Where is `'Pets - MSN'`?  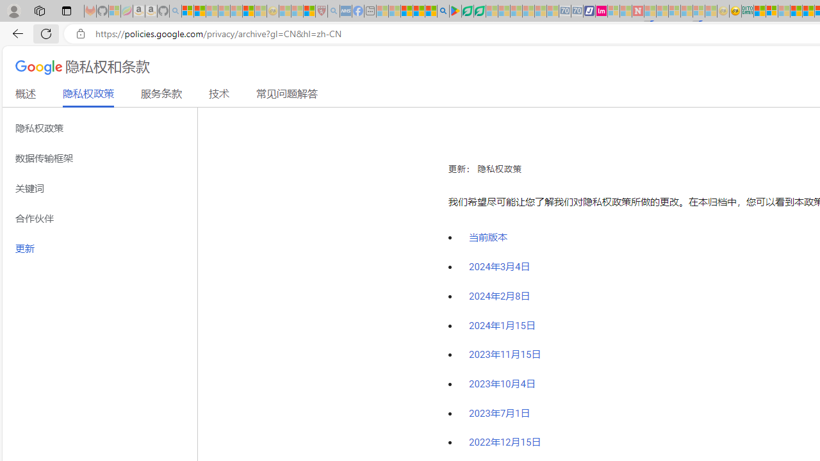 'Pets - MSN' is located at coordinates (419, 11).